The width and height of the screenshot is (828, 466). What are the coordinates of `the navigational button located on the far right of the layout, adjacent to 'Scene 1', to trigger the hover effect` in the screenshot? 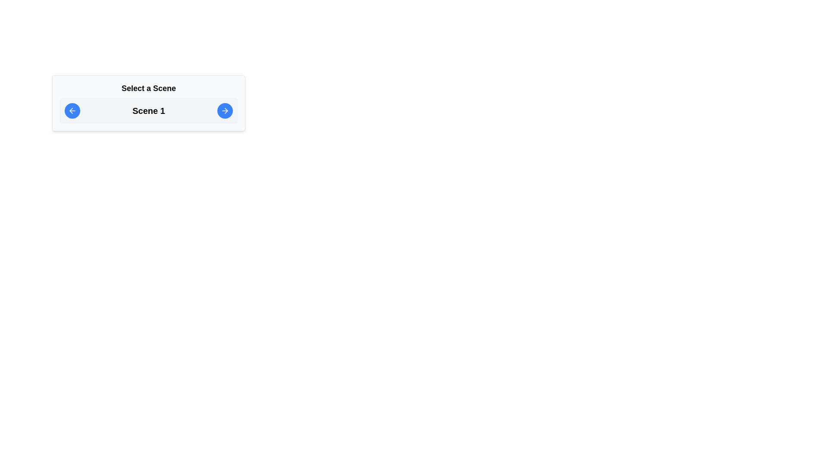 It's located at (225, 110).